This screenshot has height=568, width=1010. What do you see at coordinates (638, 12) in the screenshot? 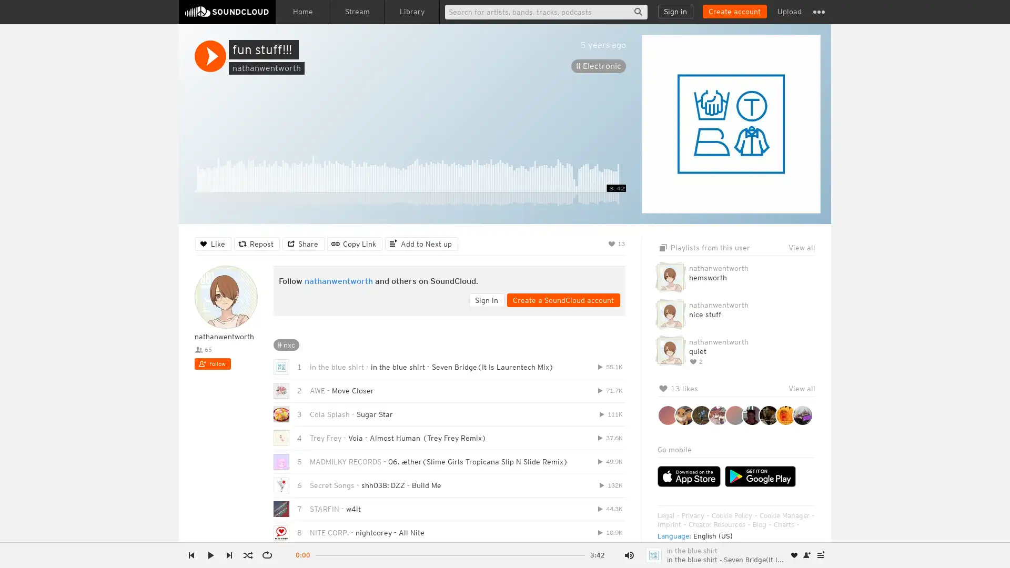
I see `Search` at bounding box center [638, 12].